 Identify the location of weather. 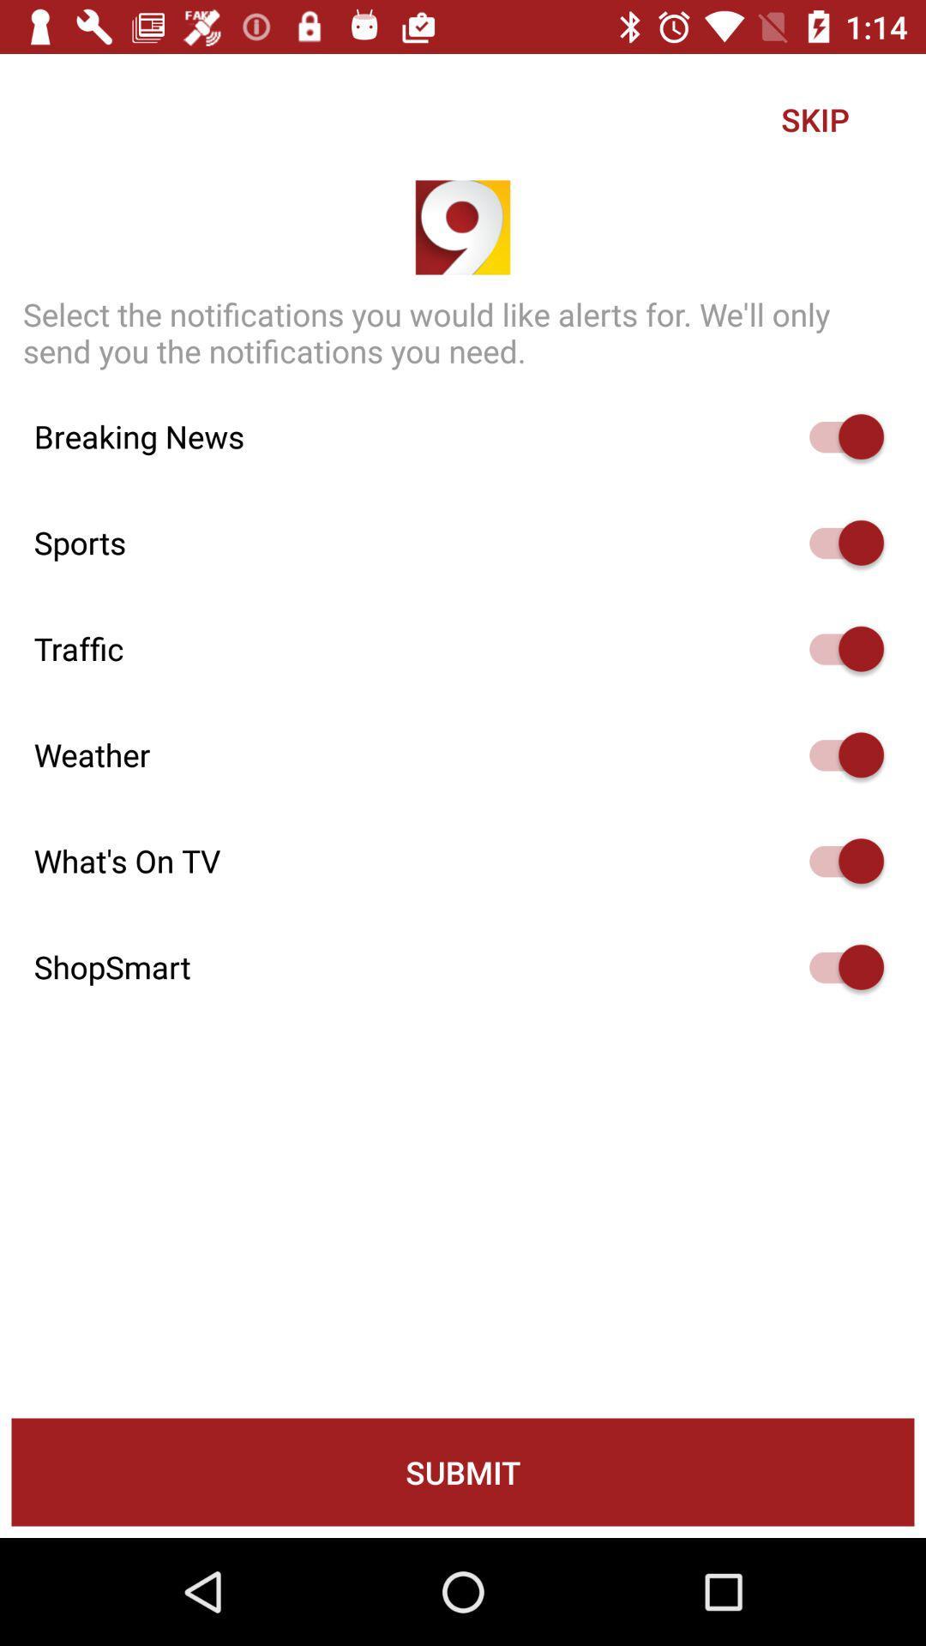
(838, 754).